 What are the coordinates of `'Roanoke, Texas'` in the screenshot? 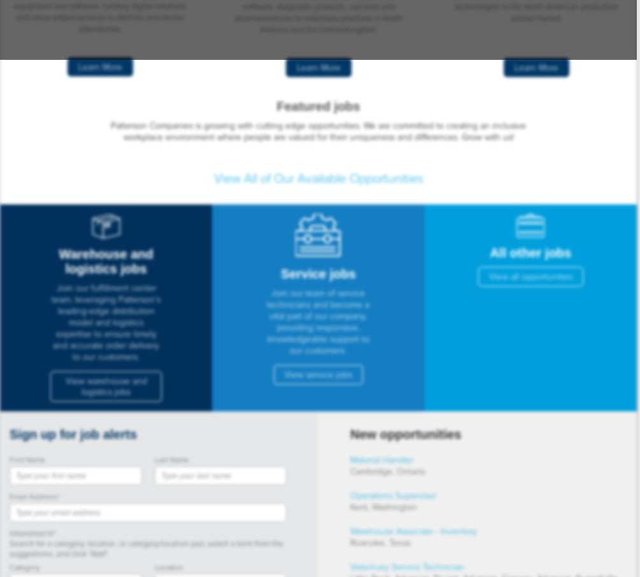 It's located at (380, 542).